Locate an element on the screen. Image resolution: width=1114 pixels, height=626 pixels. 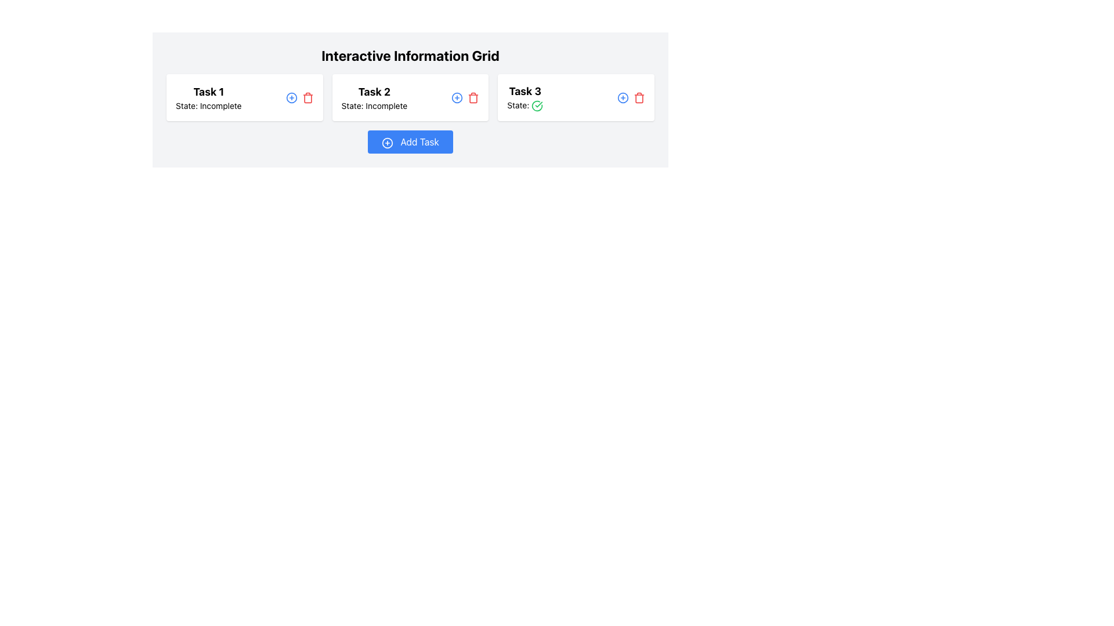
the circular green icon located in the third task card labeled 'Task 3', positioned to the left of the '+' icon is located at coordinates (537, 105).